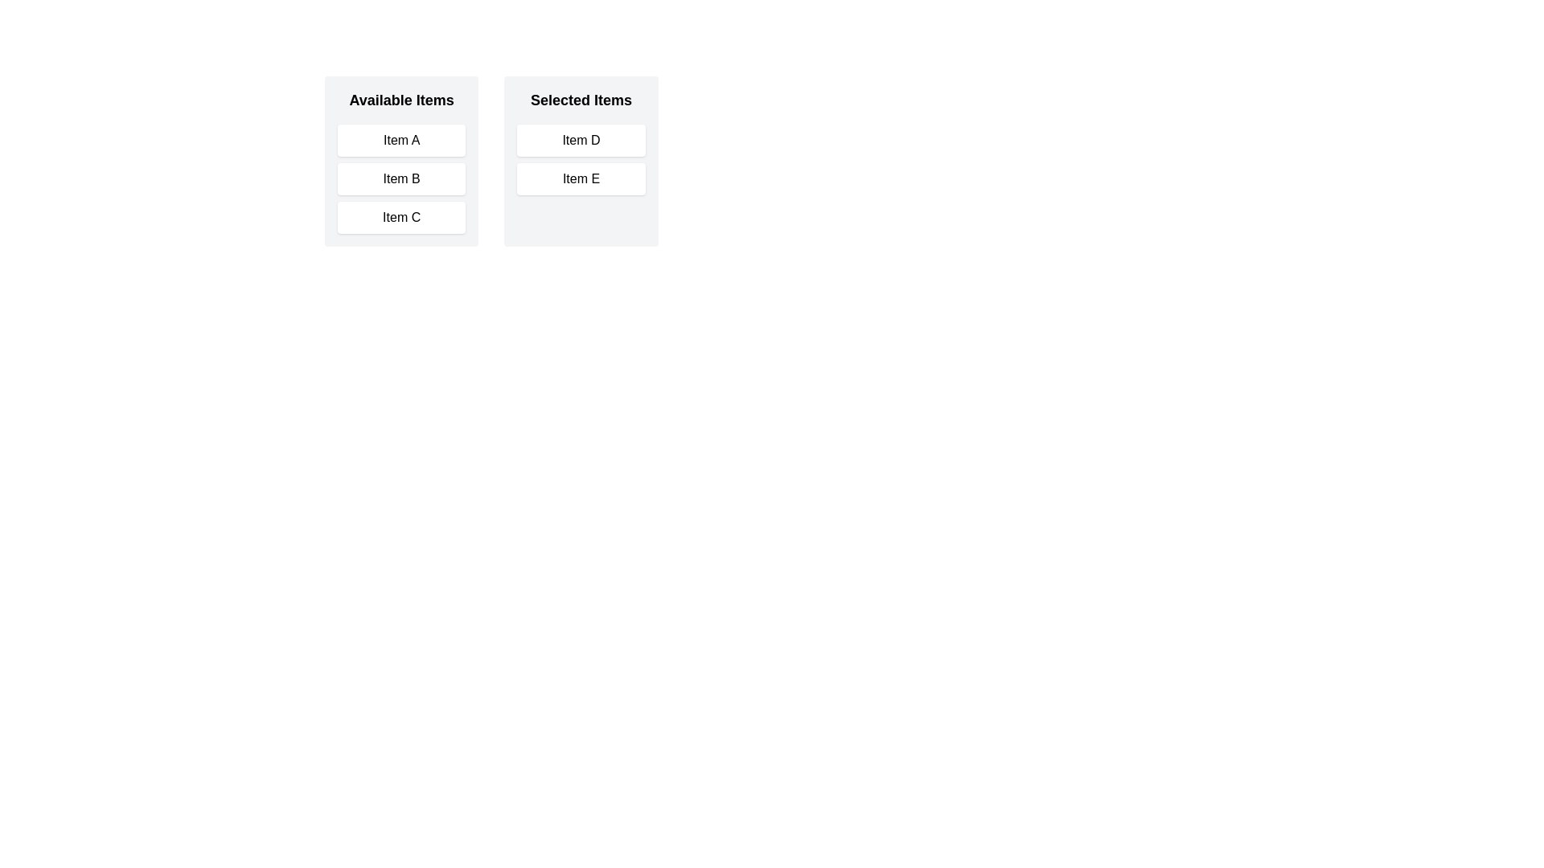 The width and height of the screenshot is (1544, 868). Describe the element at coordinates (581, 161) in the screenshot. I see `the 'Selected Items' section to visually inspect its contents` at that location.